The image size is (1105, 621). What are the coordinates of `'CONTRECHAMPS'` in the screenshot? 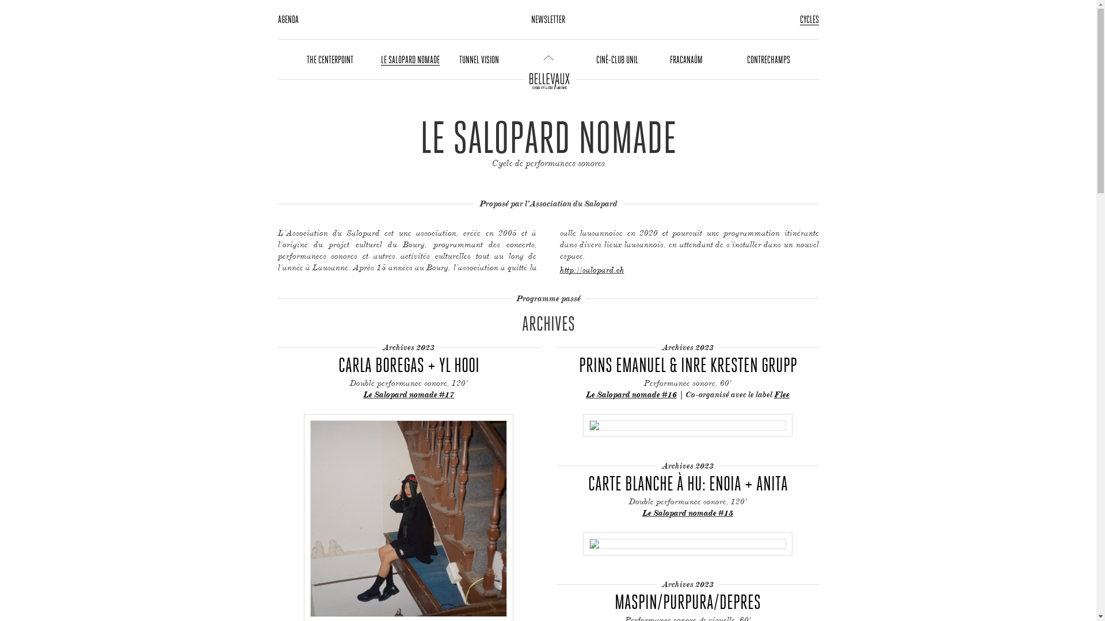 It's located at (768, 59).